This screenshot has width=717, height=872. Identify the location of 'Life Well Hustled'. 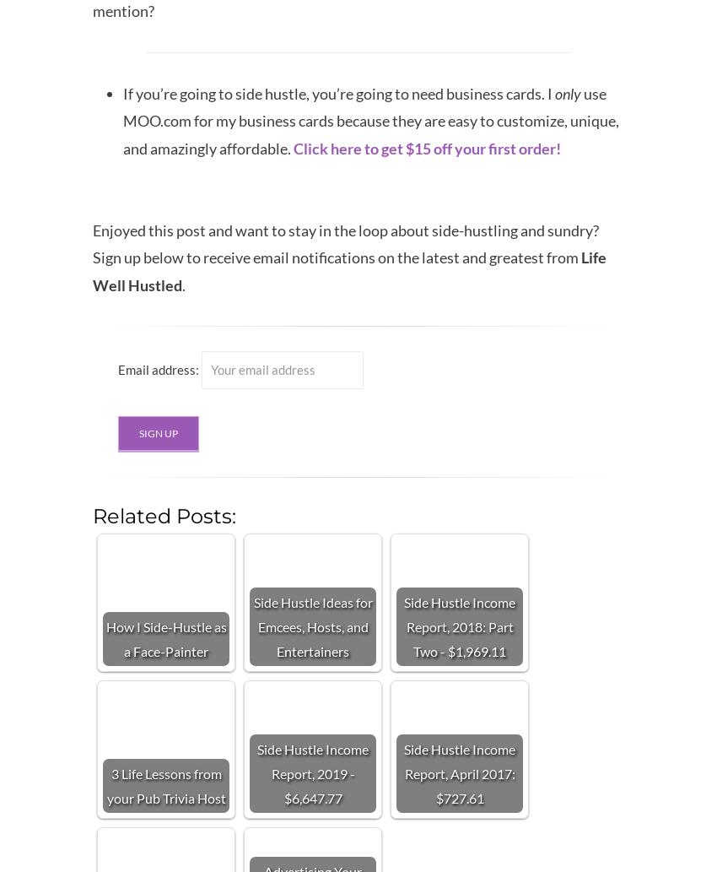
(349, 269).